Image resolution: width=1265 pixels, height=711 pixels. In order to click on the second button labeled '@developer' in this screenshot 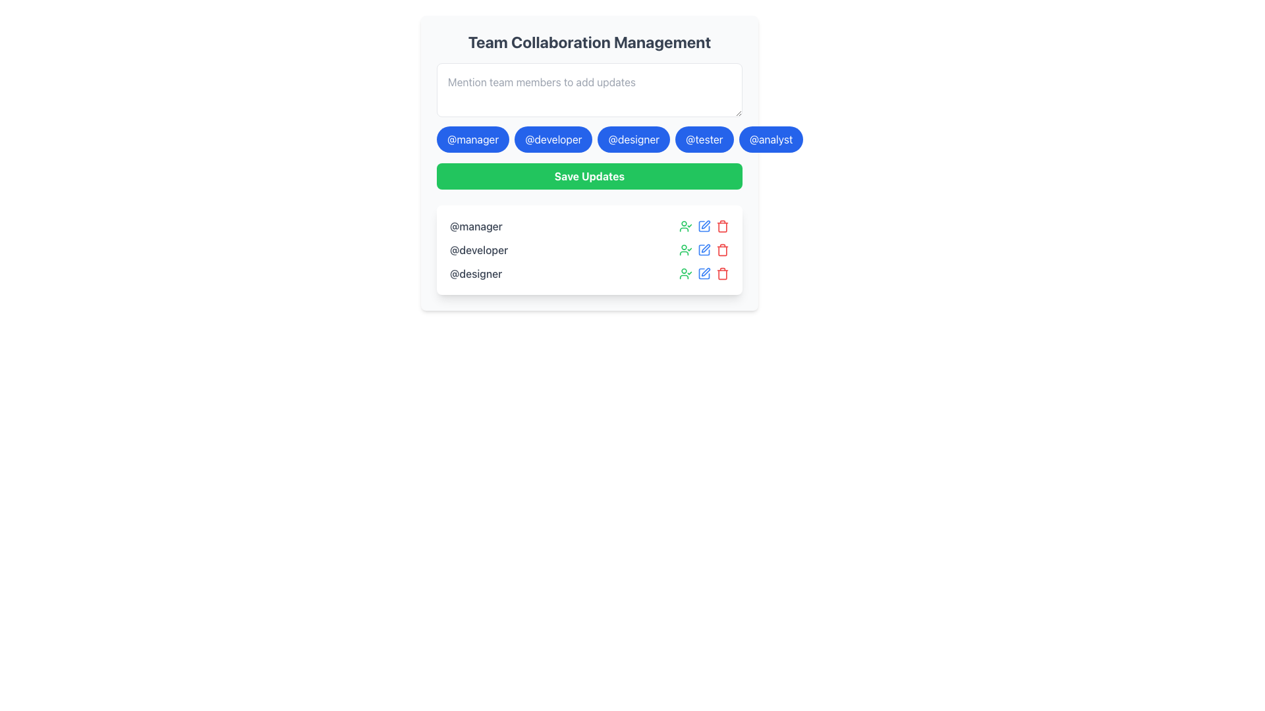, I will do `click(553, 140)`.